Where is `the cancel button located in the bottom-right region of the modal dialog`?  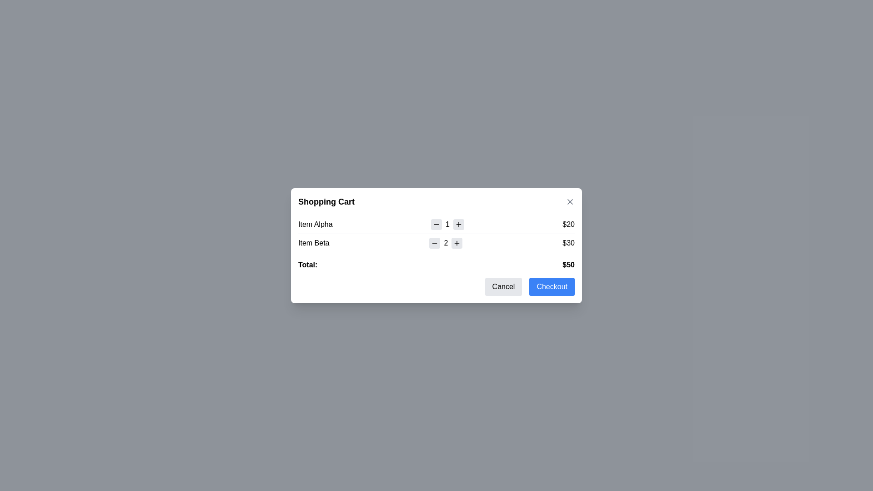 the cancel button located in the bottom-right region of the modal dialog is located at coordinates (503, 286).